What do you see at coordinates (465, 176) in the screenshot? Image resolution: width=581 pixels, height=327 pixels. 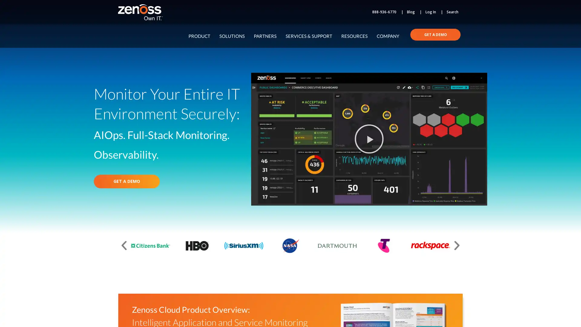 I see `enter full screen` at bounding box center [465, 176].